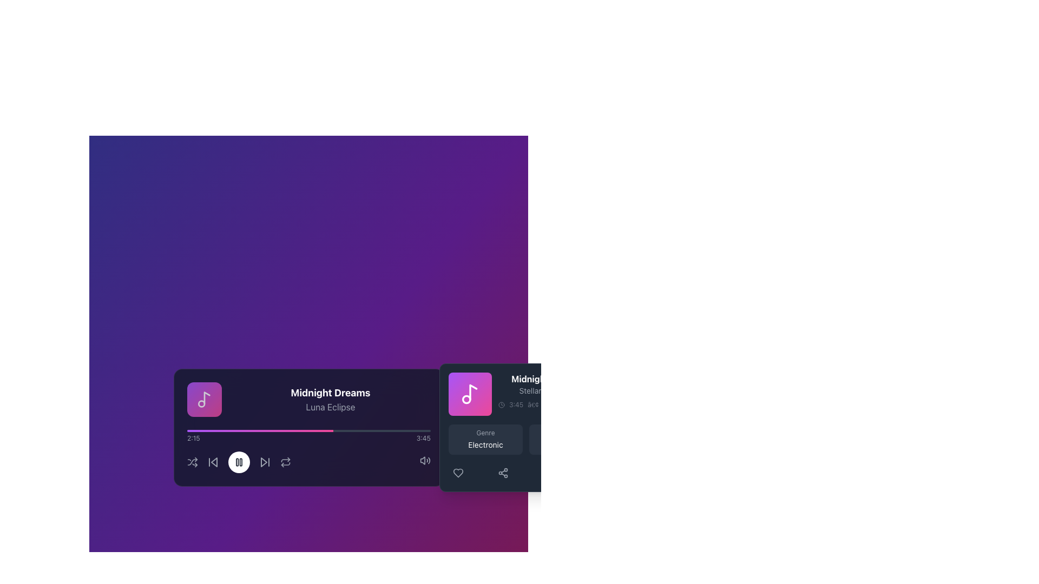 The image size is (1039, 584). What do you see at coordinates (308, 427) in the screenshot?
I see `the progress bar for the song 'Midnight Dreams' by 'Luna Eclipse' to adjust the playback position` at bounding box center [308, 427].